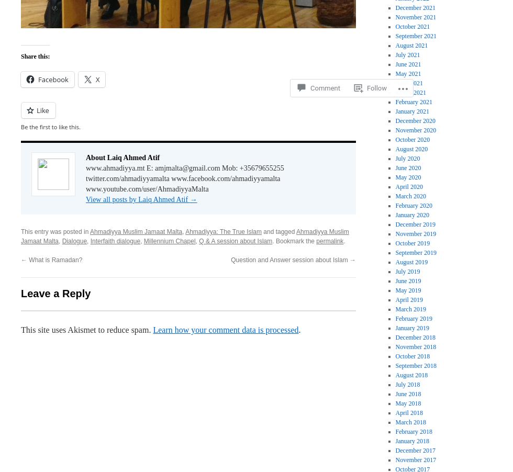 This screenshot has width=513, height=472. I want to click on 'Millennium Chapel', so click(169, 241).